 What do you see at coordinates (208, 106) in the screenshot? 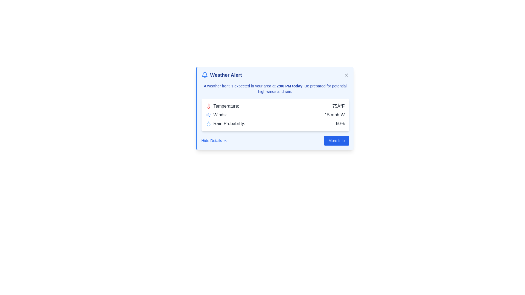
I see `the red thermometer icon located in the 'Temperature' section of the weather alert card, which is positioned before the text 'Temperature: 75°F'` at bounding box center [208, 106].